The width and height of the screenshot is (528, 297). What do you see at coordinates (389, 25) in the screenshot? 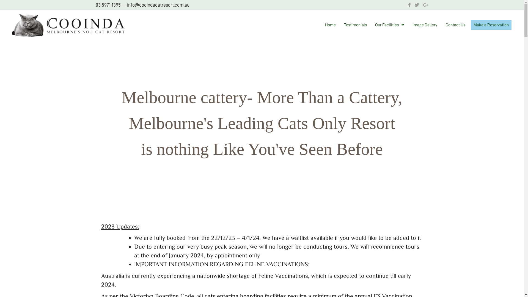
I see `'Our Facilities'` at bounding box center [389, 25].